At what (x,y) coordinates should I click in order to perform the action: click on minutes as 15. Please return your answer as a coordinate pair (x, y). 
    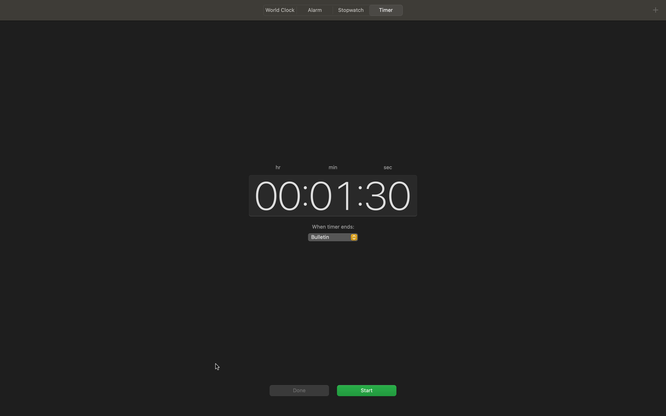
    Looking at the image, I should click on (331, 195).